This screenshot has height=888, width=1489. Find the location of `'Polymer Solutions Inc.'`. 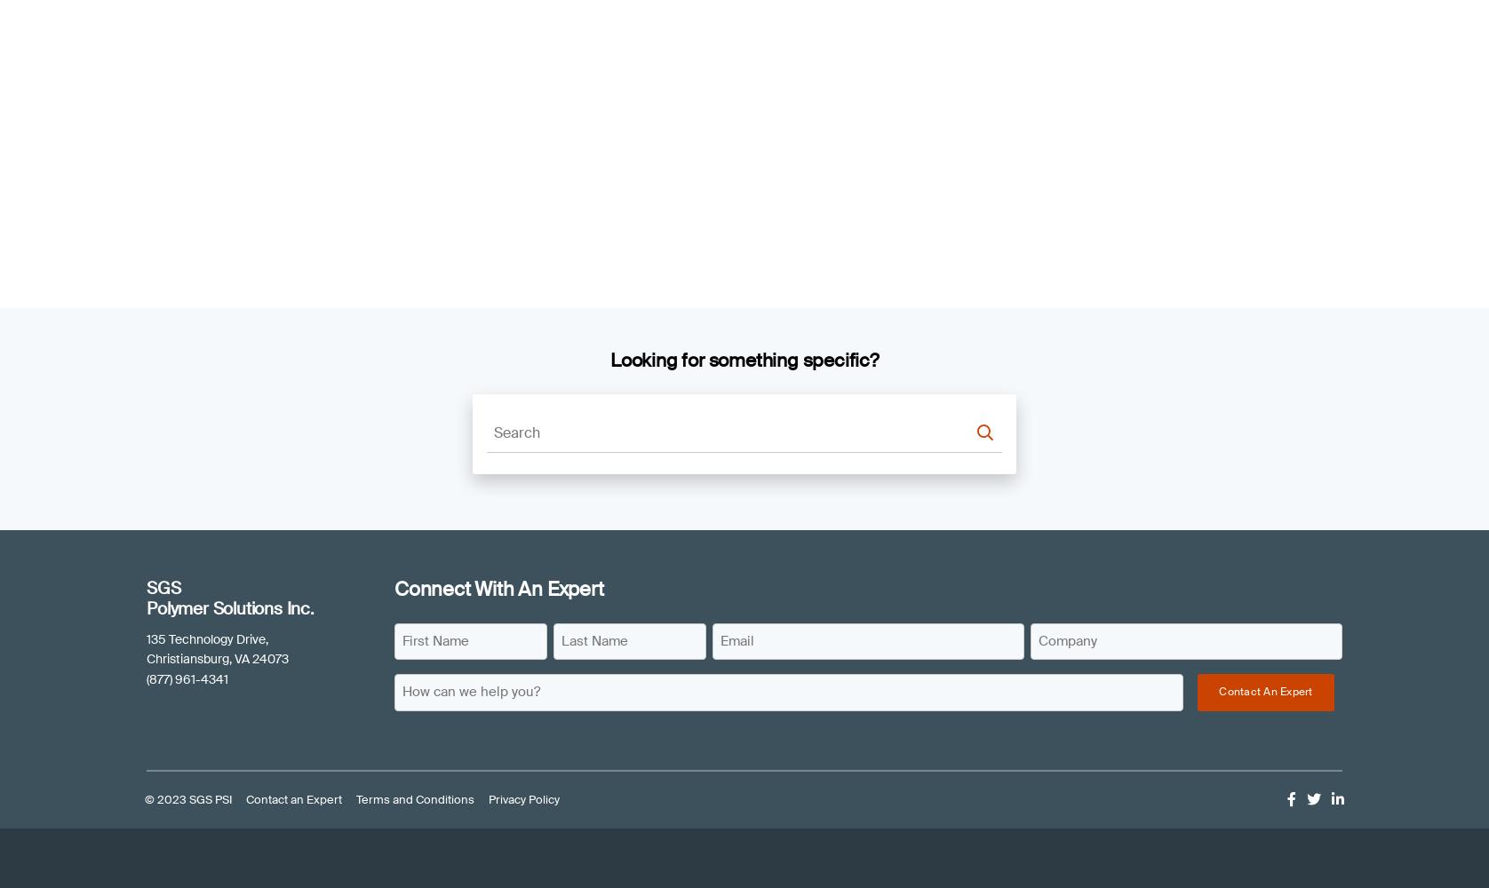

'Polymer Solutions Inc.' is located at coordinates (228, 608).